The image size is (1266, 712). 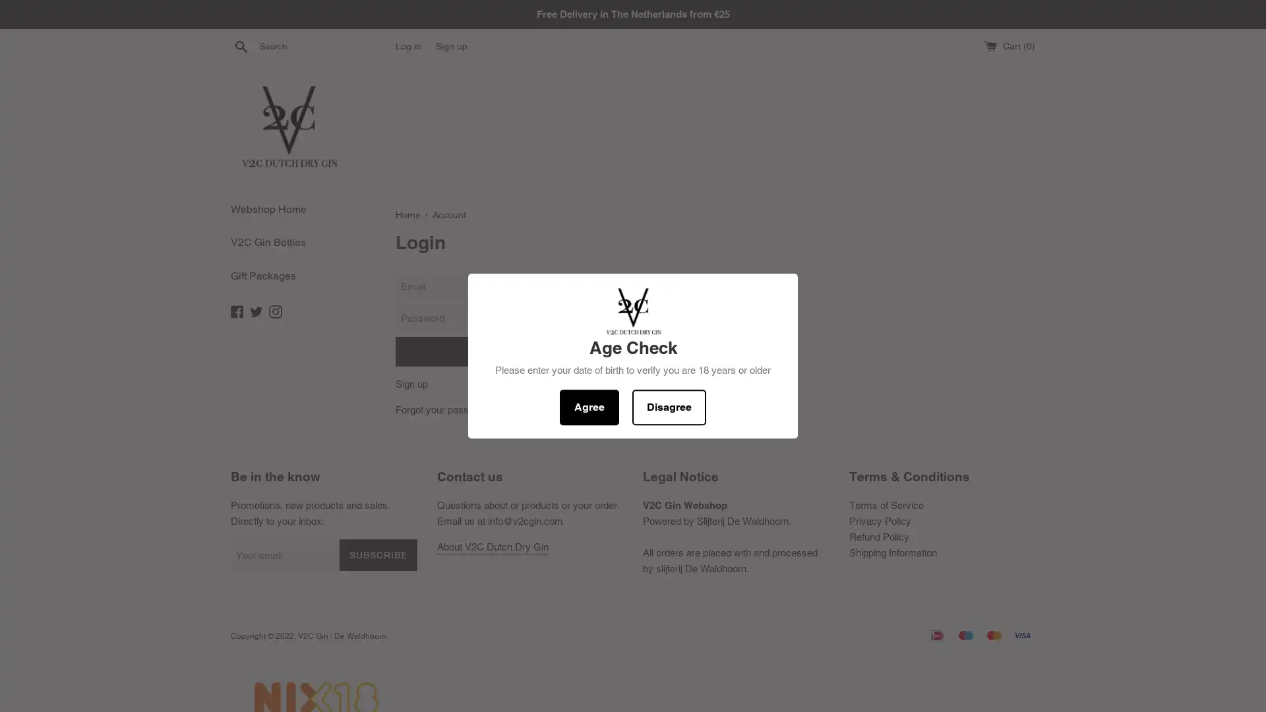 I want to click on Agree, so click(x=588, y=406).